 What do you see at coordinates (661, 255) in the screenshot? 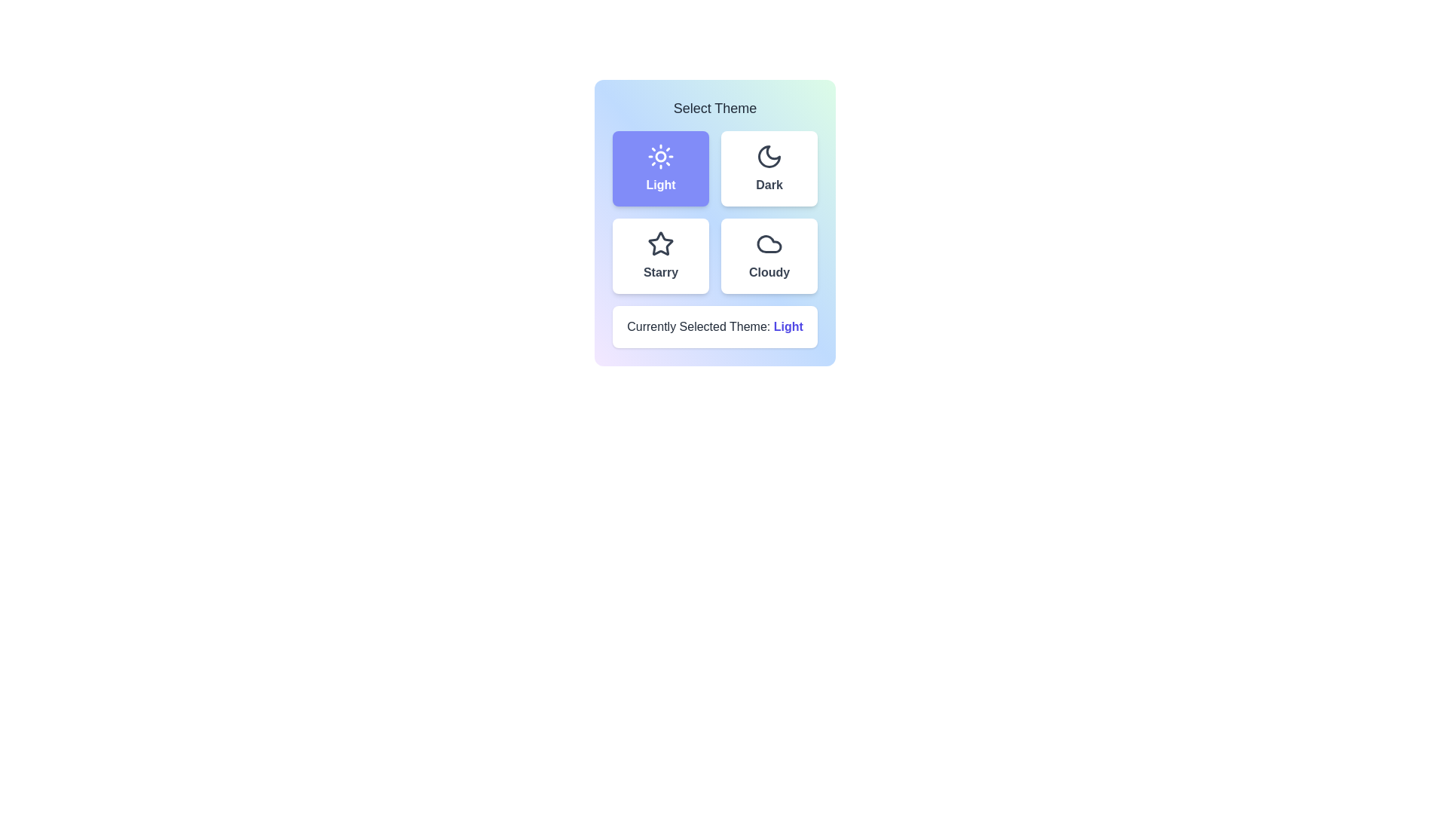
I see `the theme Starry by clicking on its button` at bounding box center [661, 255].